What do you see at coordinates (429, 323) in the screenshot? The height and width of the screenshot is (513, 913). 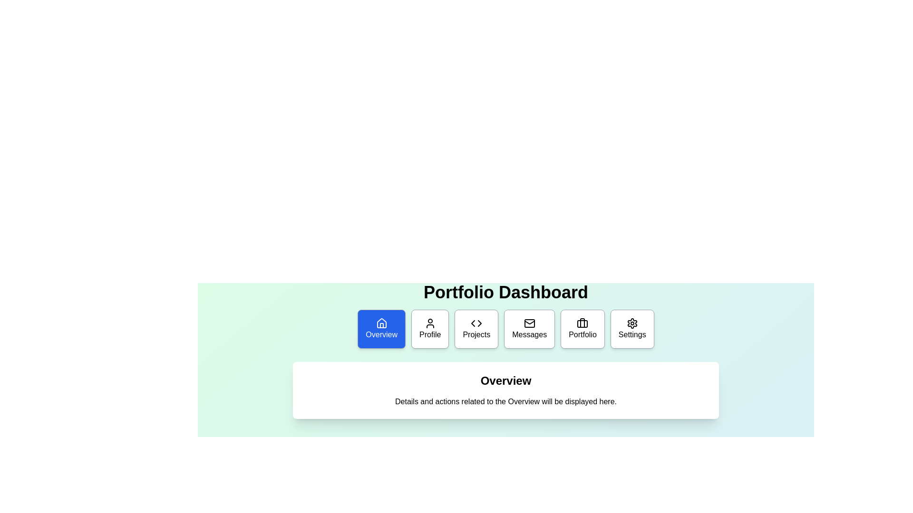 I see `the 'Profile' icon located in the second box of the menu options beneath the 'Portfolio Dashboard' title` at bounding box center [429, 323].